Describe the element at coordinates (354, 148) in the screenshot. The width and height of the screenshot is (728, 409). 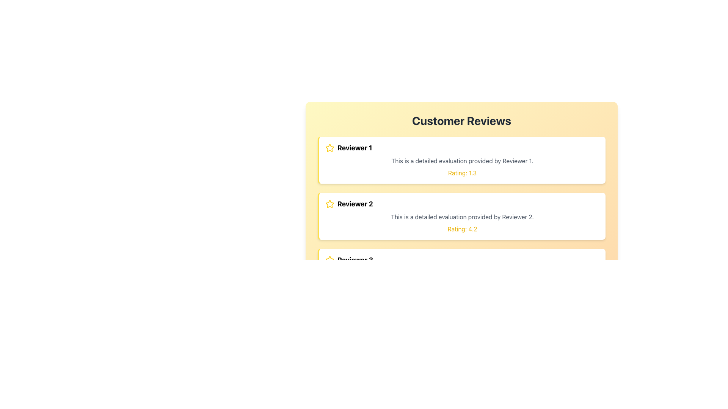
I see `the text label displaying 'Reviewer 1' located in the top-left section of the first user review card, adjacent to a yellow star icon` at that location.